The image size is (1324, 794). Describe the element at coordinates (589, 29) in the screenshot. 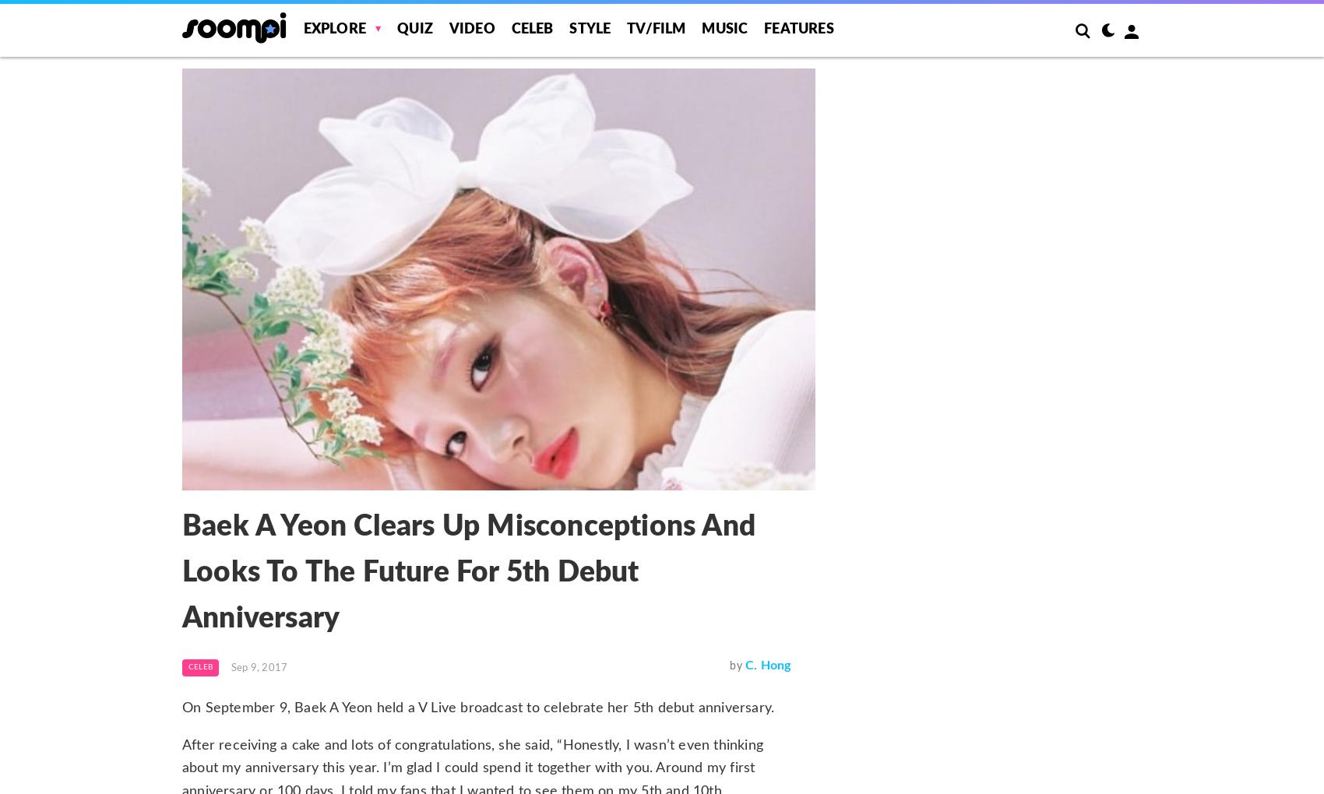

I see `'Style'` at that location.